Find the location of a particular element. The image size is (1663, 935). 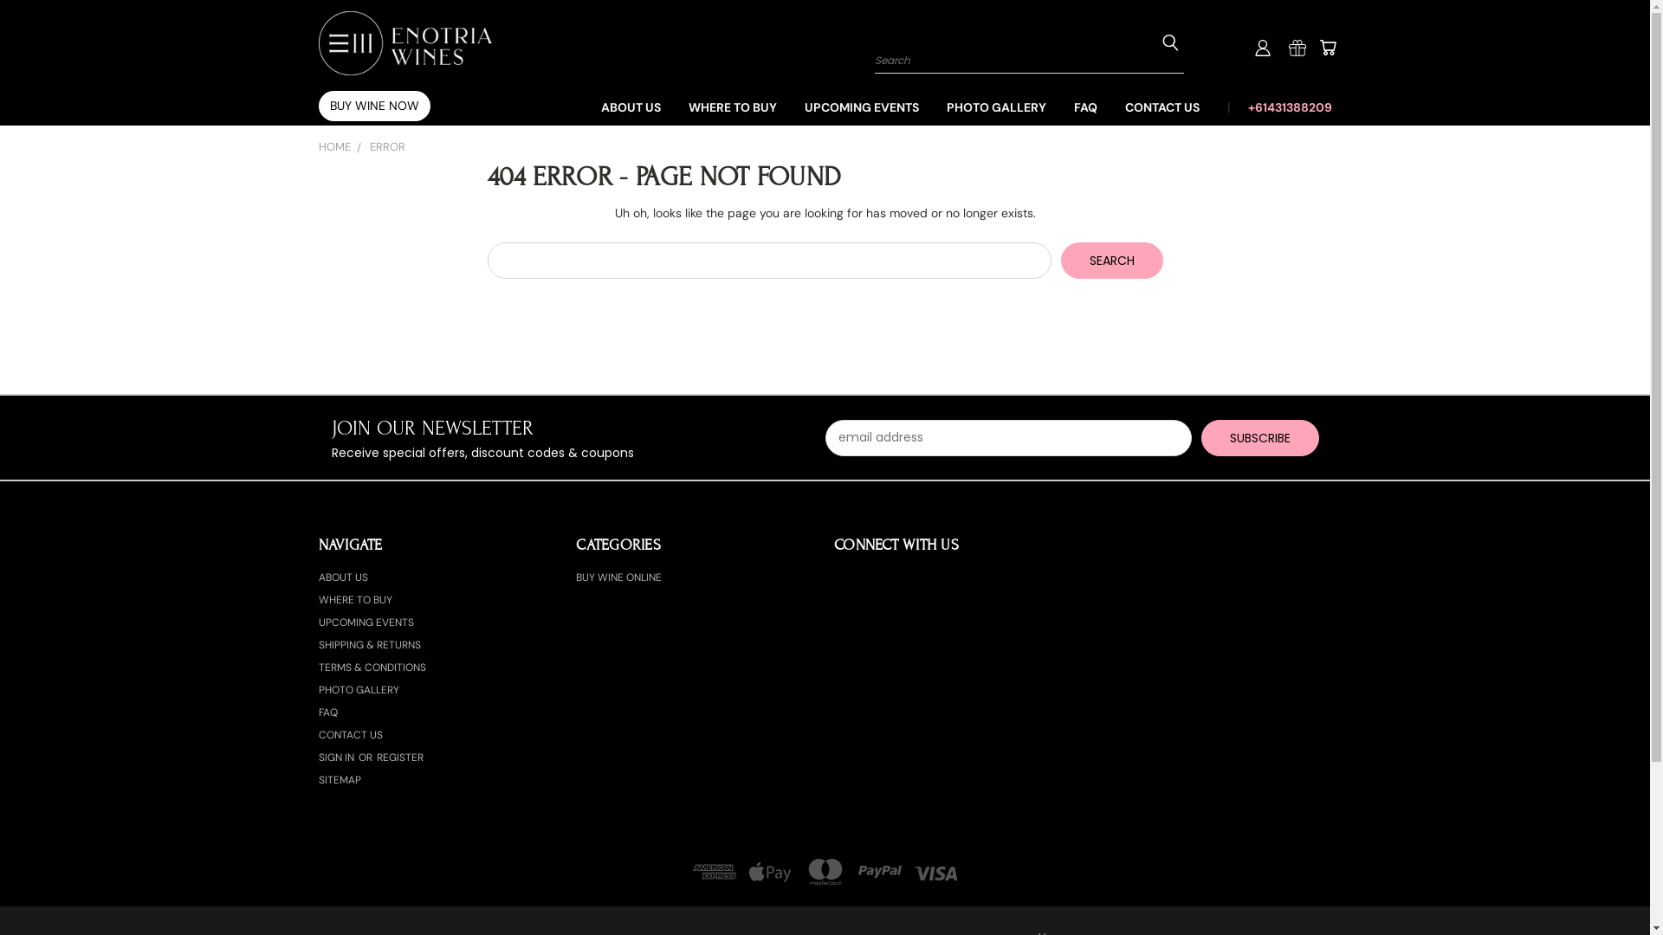

'FAQ' is located at coordinates (328, 715).